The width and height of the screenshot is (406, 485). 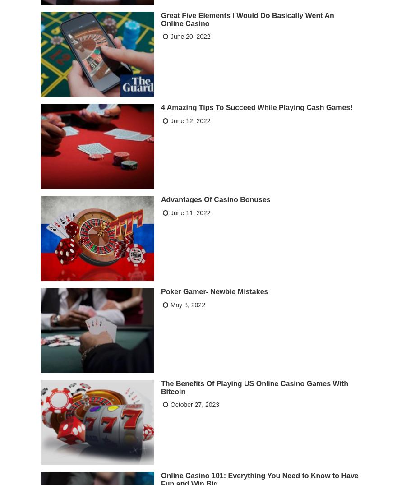 I want to click on 'The Benefits Of Playing US Online Casino Games With Bitcoin', so click(x=254, y=387).